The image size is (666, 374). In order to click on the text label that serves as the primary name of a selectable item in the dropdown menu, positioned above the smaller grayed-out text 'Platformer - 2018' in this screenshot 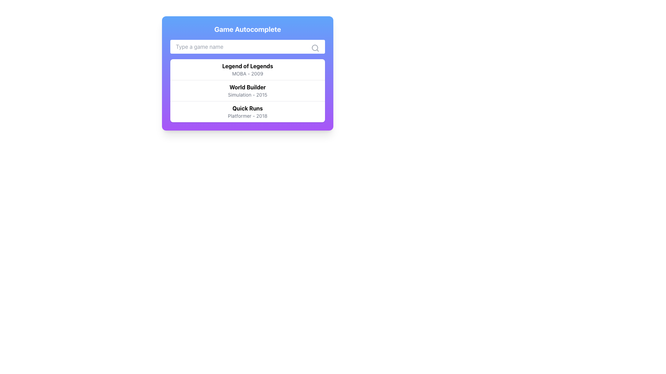, I will do `click(248, 108)`.